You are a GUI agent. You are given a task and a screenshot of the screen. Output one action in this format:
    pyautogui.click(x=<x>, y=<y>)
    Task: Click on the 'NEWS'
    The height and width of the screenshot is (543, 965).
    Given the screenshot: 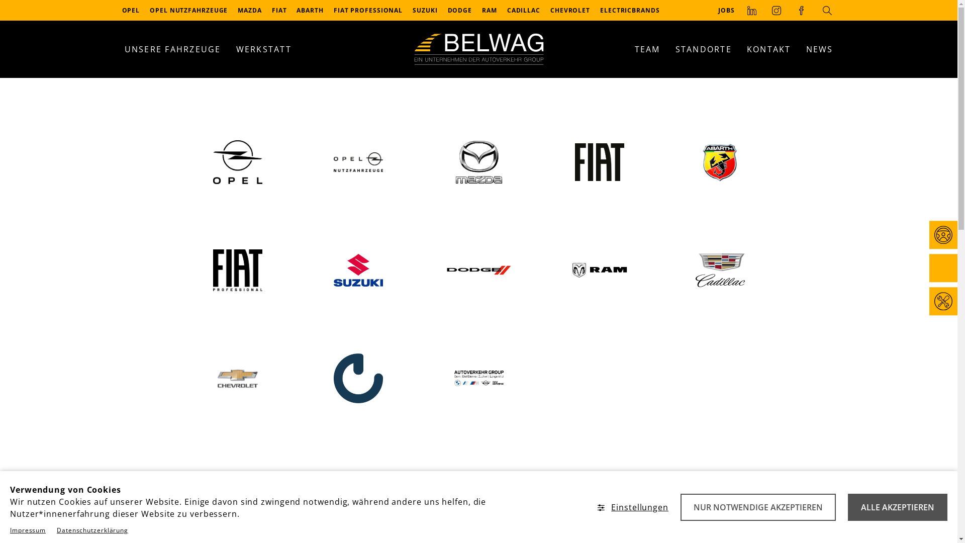 What is the action you would take?
    pyautogui.click(x=819, y=49)
    